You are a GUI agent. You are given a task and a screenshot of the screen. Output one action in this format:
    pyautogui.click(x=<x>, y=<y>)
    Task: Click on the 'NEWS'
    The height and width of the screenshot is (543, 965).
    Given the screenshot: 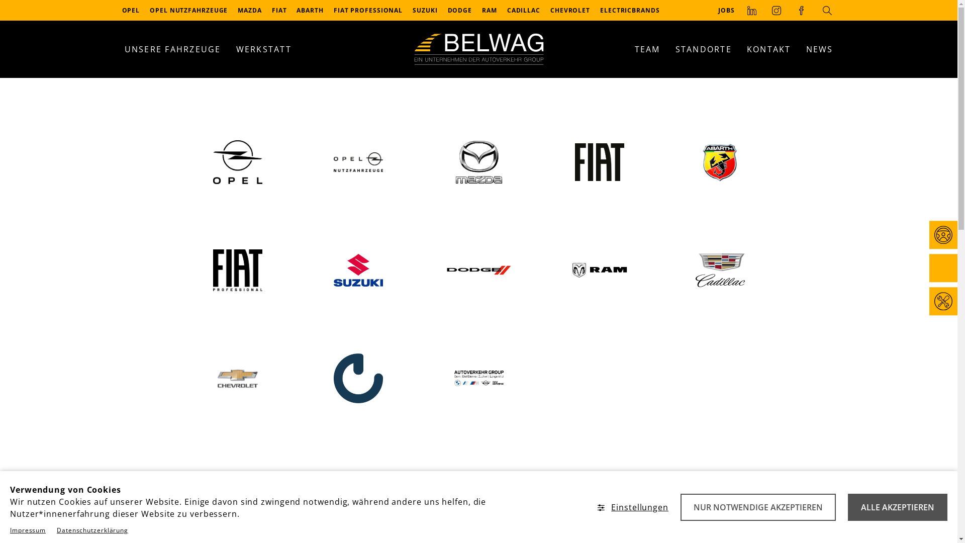 What is the action you would take?
    pyautogui.click(x=819, y=49)
    